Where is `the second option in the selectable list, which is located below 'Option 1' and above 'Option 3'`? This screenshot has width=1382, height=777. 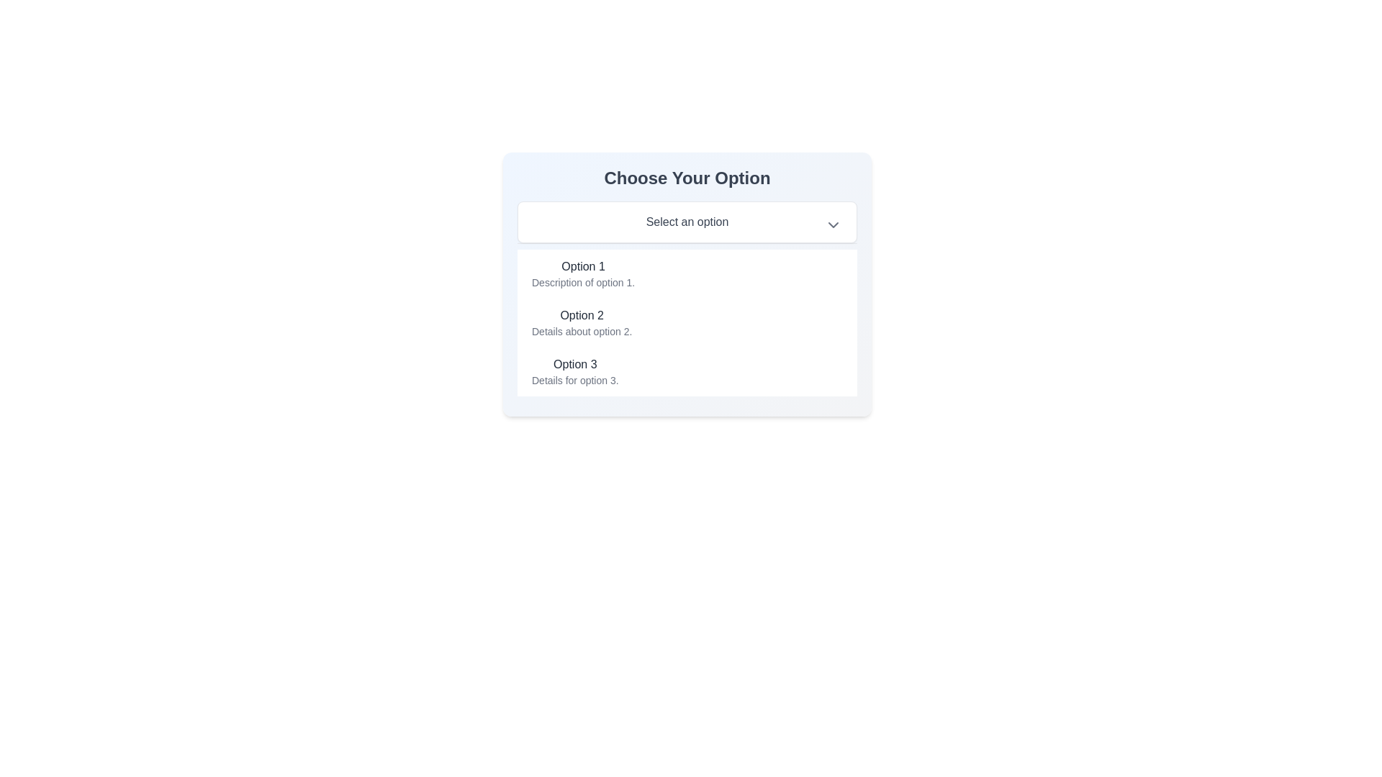
the second option in the selectable list, which is located below 'Option 1' and above 'Option 3' is located at coordinates (687, 322).